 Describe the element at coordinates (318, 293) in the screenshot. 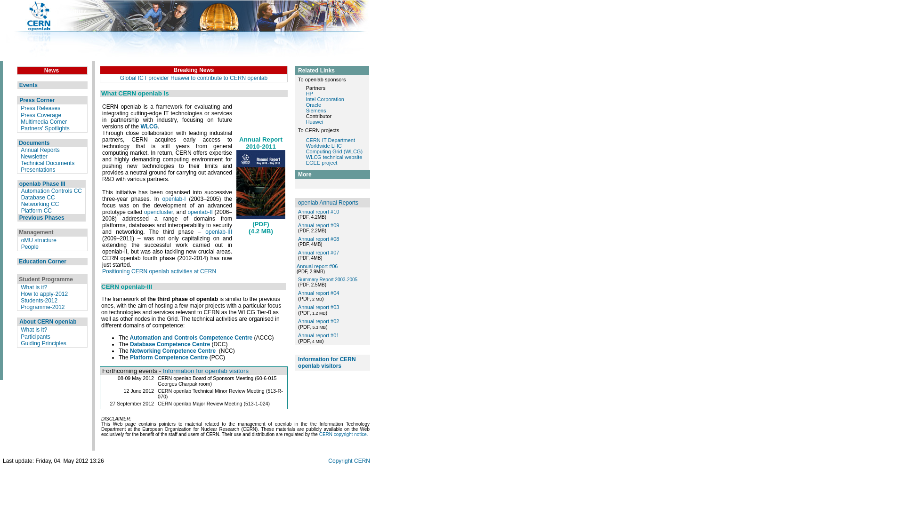

I see `'Annual report #04'` at that location.